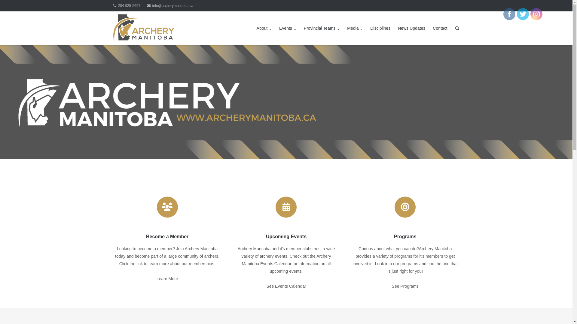  What do you see at coordinates (167, 279) in the screenshot?
I see `'Learn More'` at bounding box center [167, 279].